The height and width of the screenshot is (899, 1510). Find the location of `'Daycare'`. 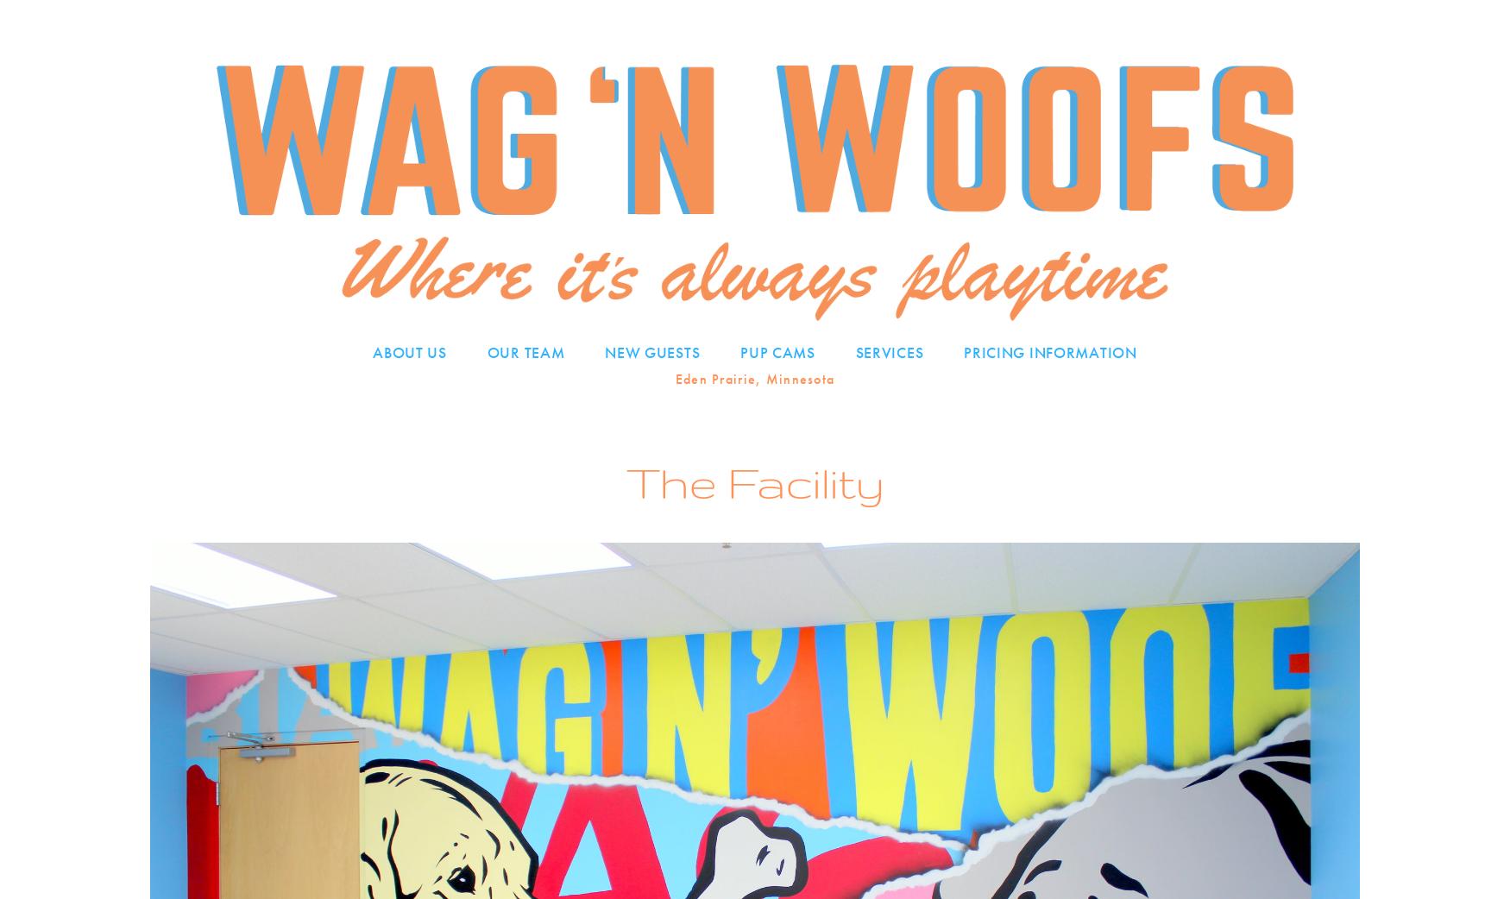

'Daycare' is located at coordinates (889, 385).